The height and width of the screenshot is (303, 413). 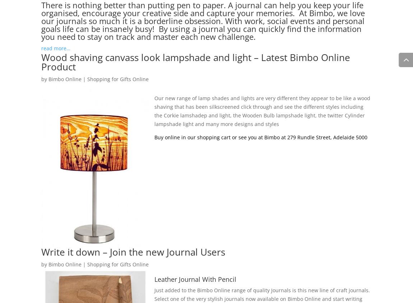 What do you see at coordinates (195, 279) in the screenshot?
I see `'Leather Journal With Pencil'` at bounding box center [195, 279].